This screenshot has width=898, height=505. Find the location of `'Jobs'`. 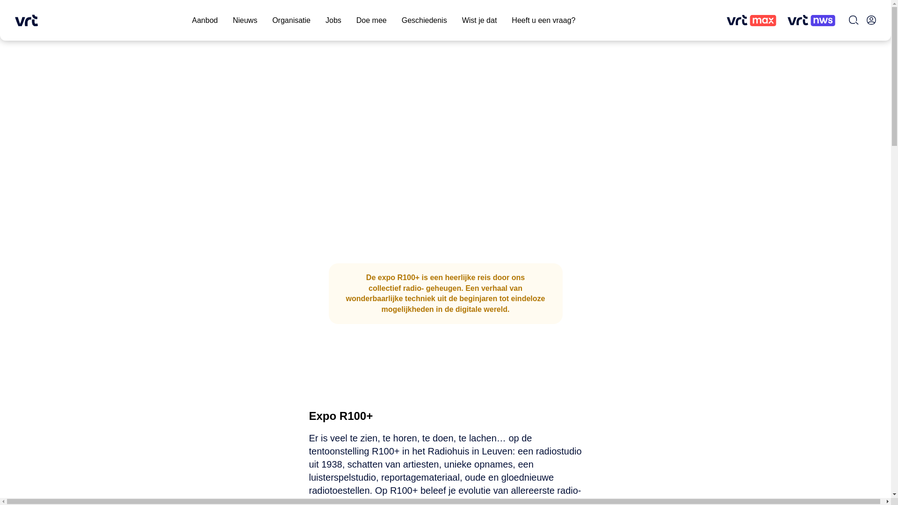

'Jobs' is located at coordinates (333, 20).